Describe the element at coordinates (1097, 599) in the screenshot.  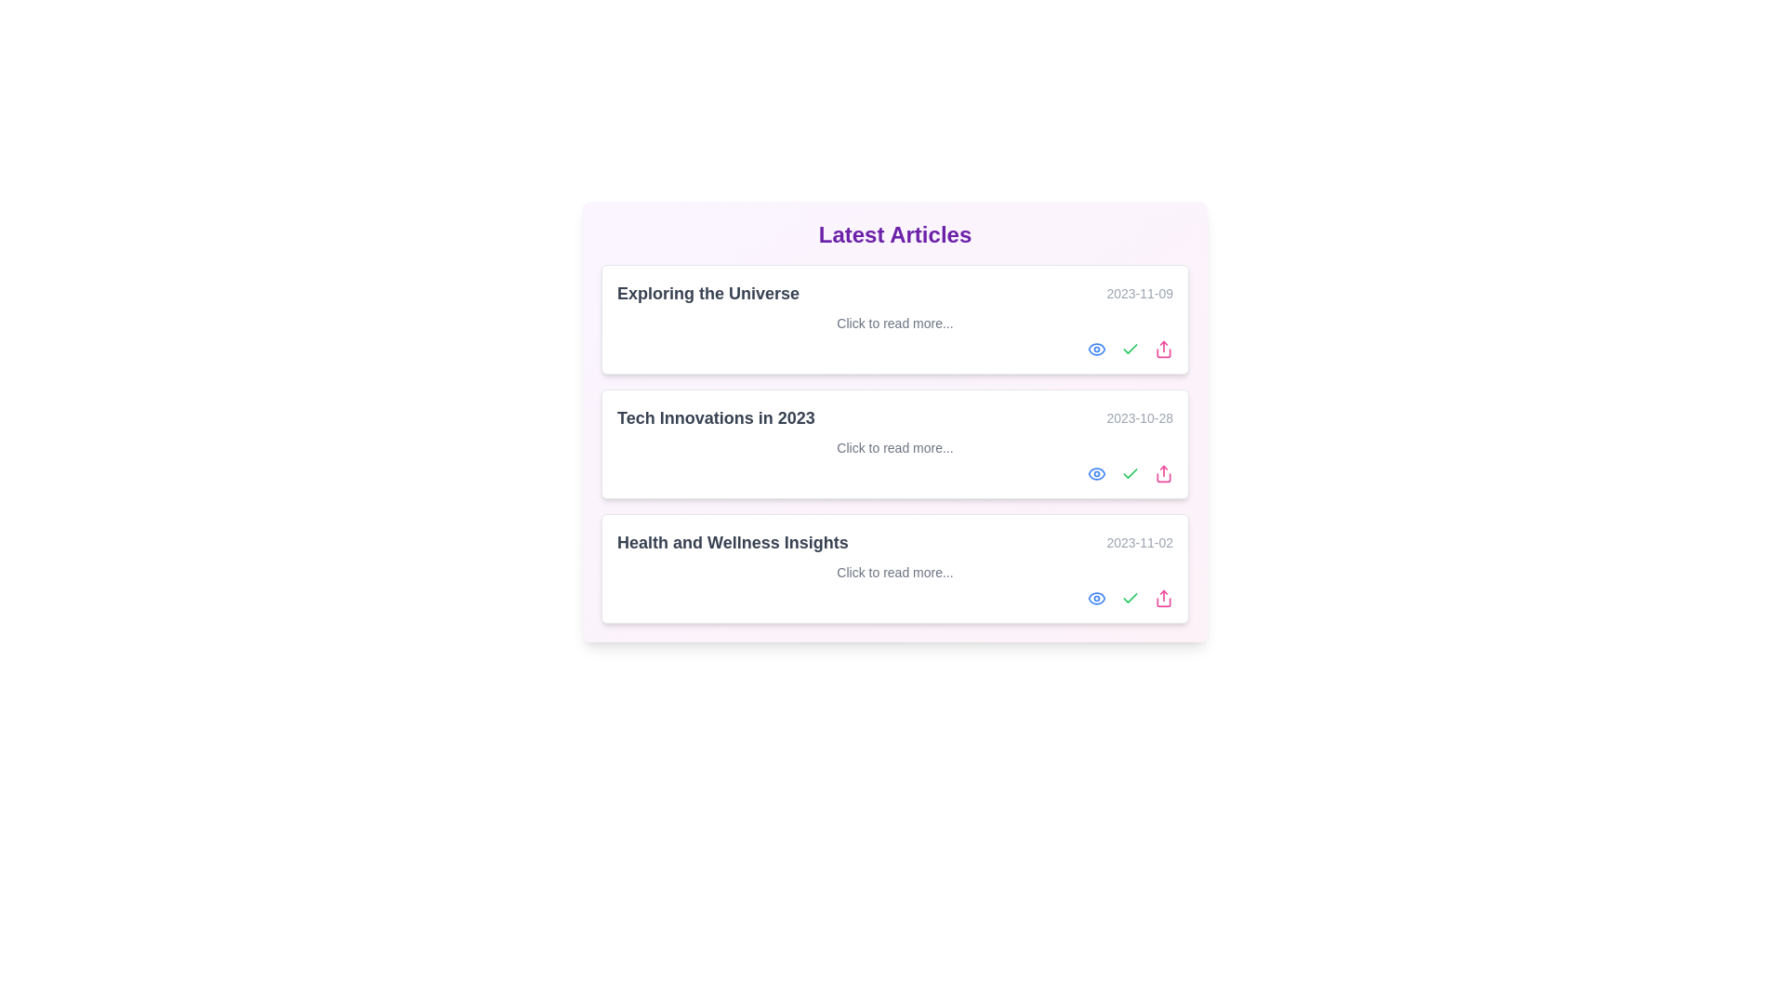
I see `'Eye' icon associated with the article titled 'Health and Wellness Insights'` at that location.